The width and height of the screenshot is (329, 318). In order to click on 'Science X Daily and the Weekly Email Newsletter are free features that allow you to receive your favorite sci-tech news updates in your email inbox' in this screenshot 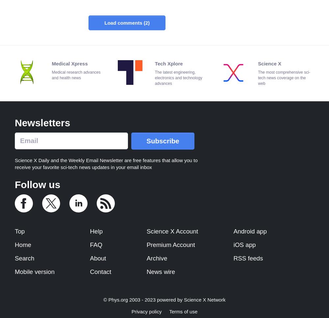, I will do `click(106, 163)`.